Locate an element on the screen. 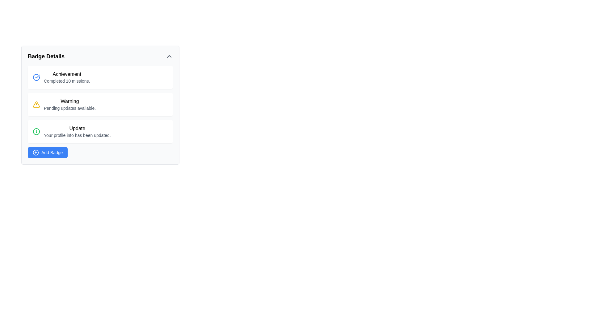 The width and height of the screenshot is (593, 333). the 'Badge Details' static text label, which is a bold, medium-large text located at the top-left corner of the interface, next to a companion icon is located at coordinates (46, 56).